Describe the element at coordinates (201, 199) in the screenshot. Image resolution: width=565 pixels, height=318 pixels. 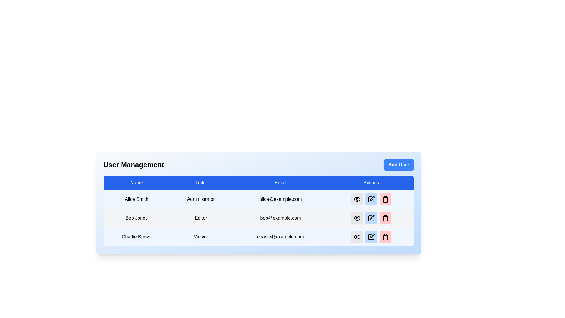
I see `the table cell displaying the text 'Administrator' in the 'Role' column under the 'User Management' section` at that location.